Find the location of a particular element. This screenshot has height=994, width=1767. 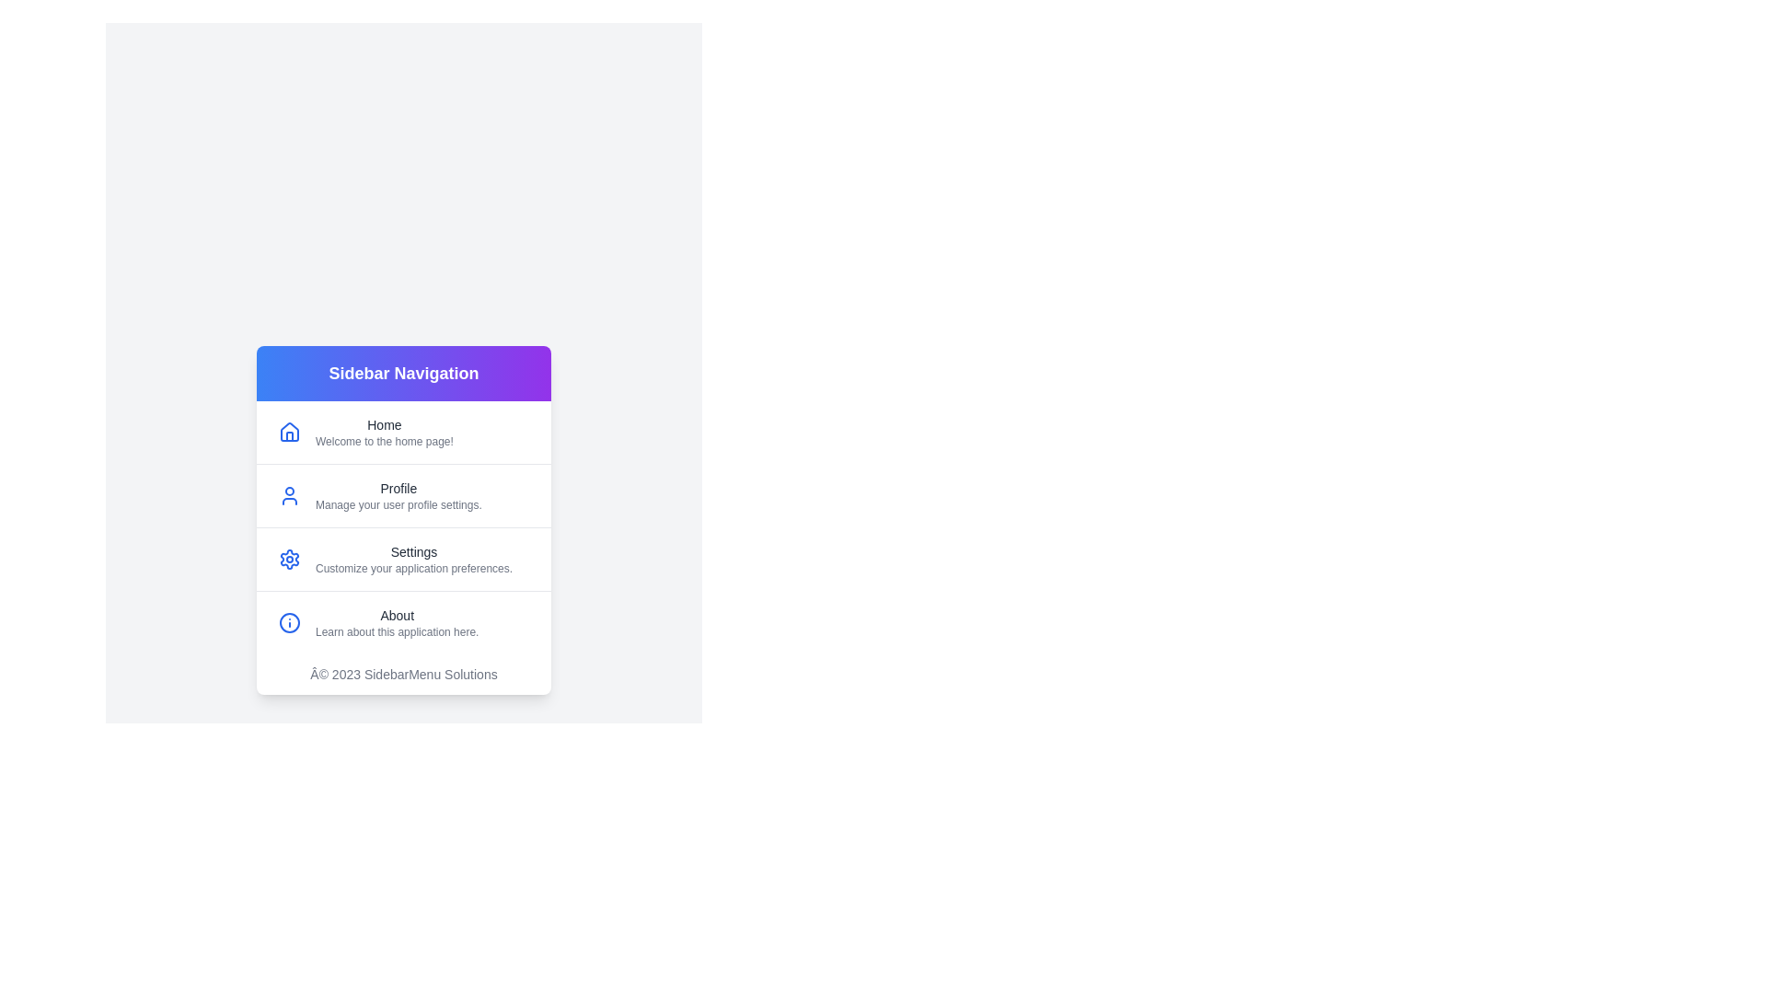

the text content of the Settings section is located at coordinates (315, 550).